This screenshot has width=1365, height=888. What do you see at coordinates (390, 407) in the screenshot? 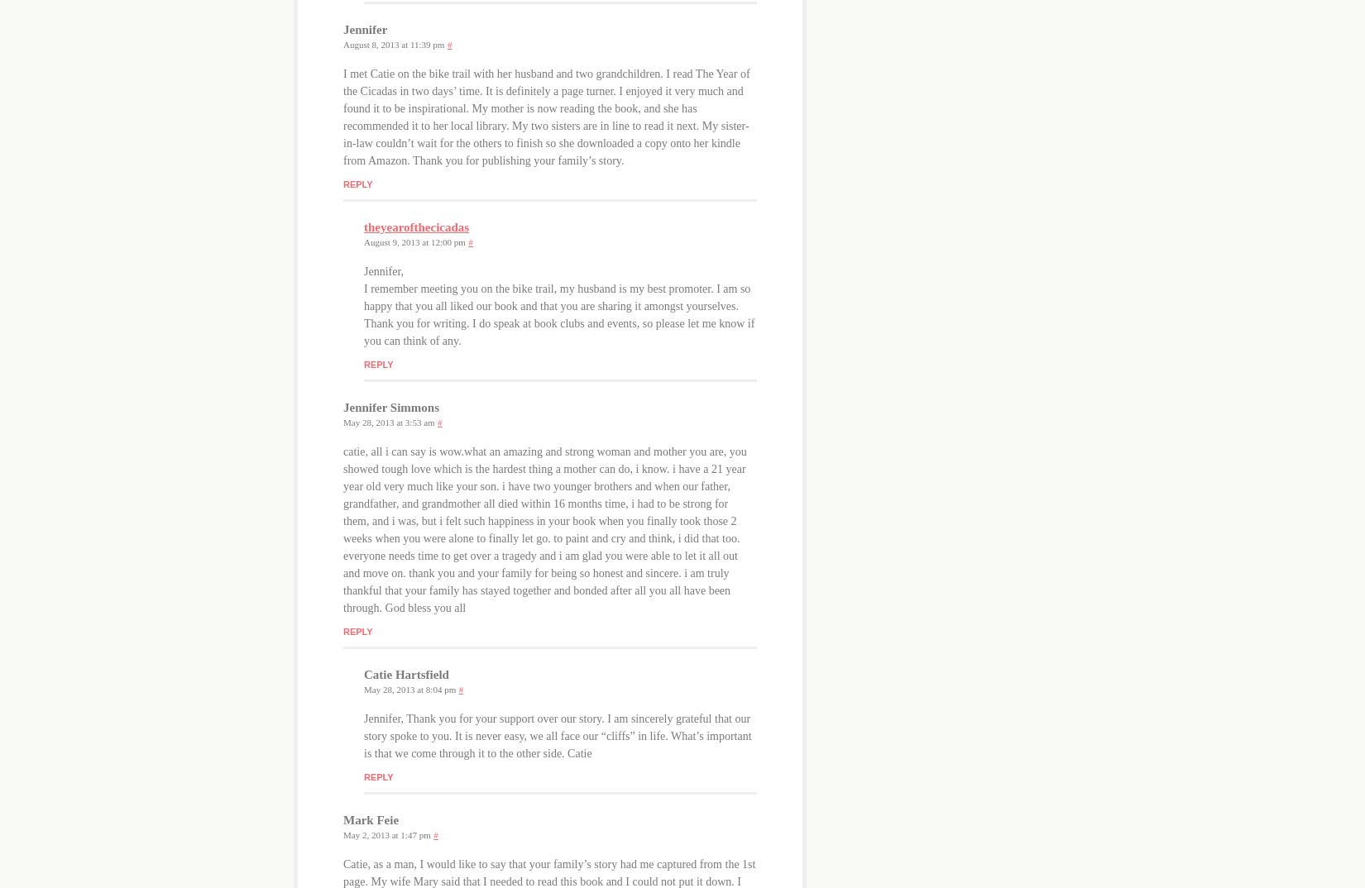
I see `'Jennifer Simmons'` at bounding box center [390, 407].